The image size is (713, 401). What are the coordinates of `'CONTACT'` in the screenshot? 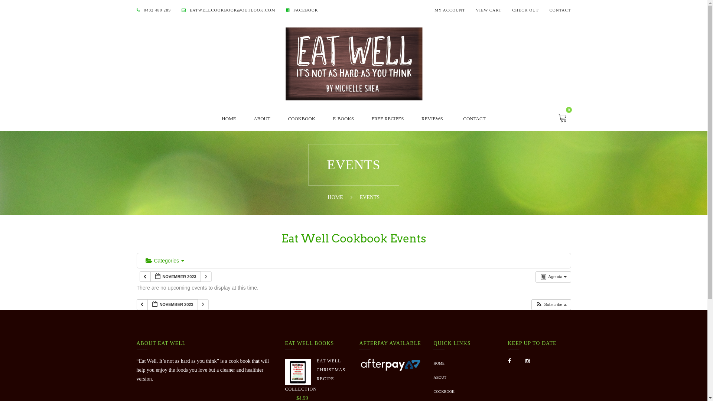 It's located at (549, 10).